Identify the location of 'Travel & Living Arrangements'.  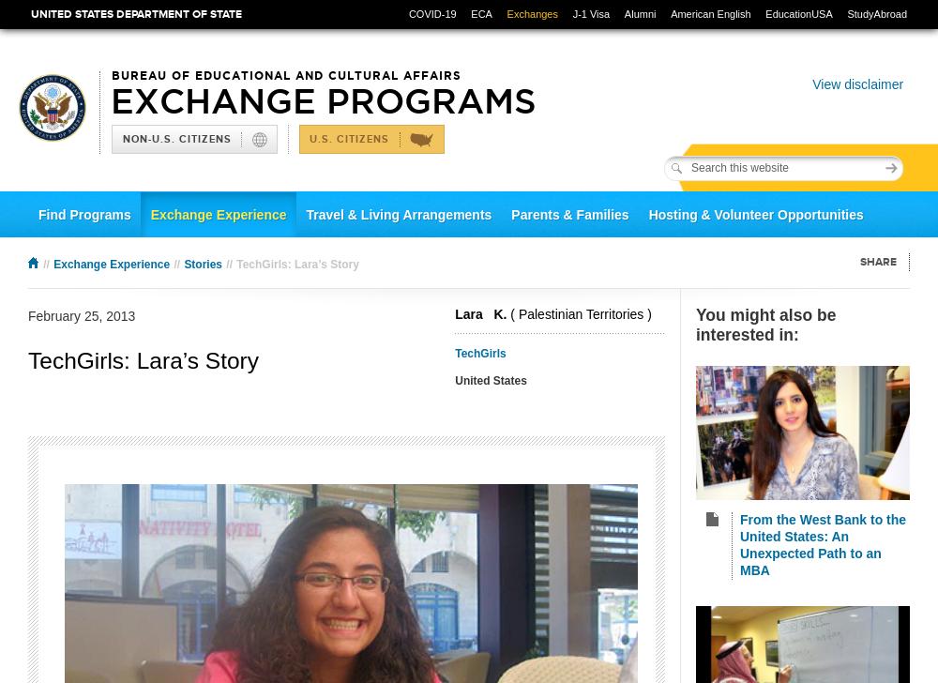
(399, 214).